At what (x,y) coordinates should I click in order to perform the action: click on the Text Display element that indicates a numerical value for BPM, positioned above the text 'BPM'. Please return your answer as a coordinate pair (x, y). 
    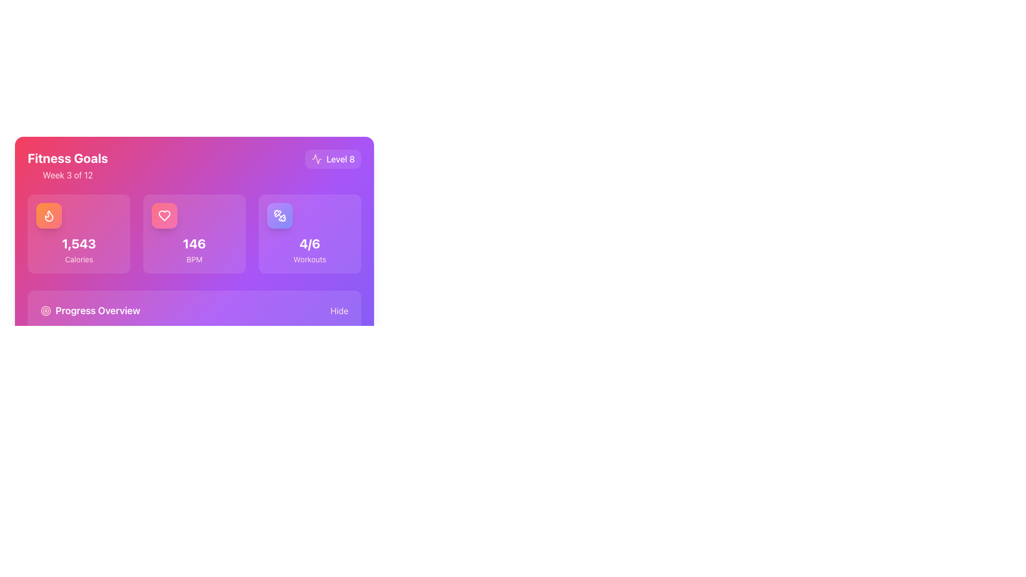
    Looking at the image, I should click on (195, 243).